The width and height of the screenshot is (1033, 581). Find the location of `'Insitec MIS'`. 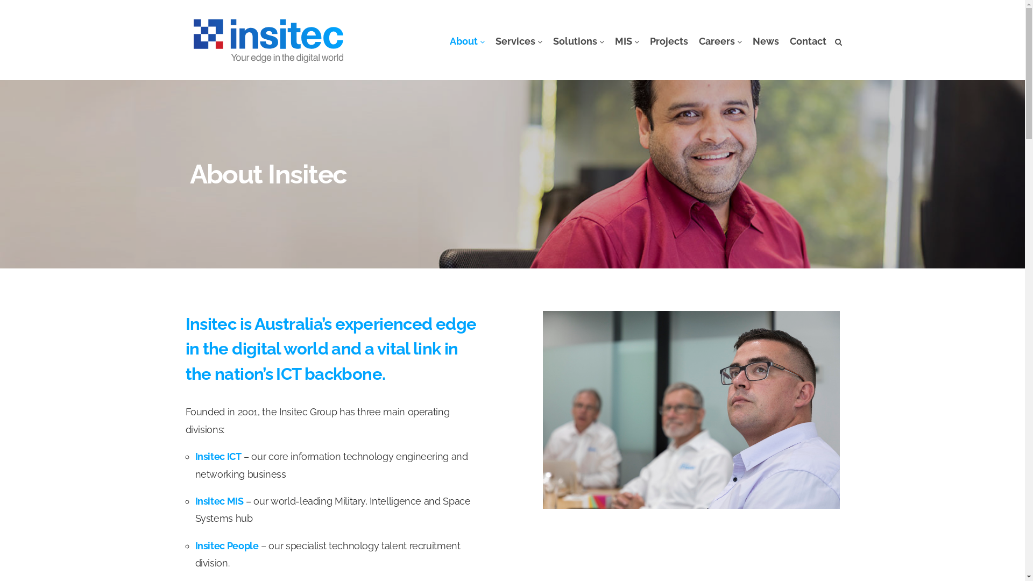

'Insitec MIS' is located at coordinates (194, 501).